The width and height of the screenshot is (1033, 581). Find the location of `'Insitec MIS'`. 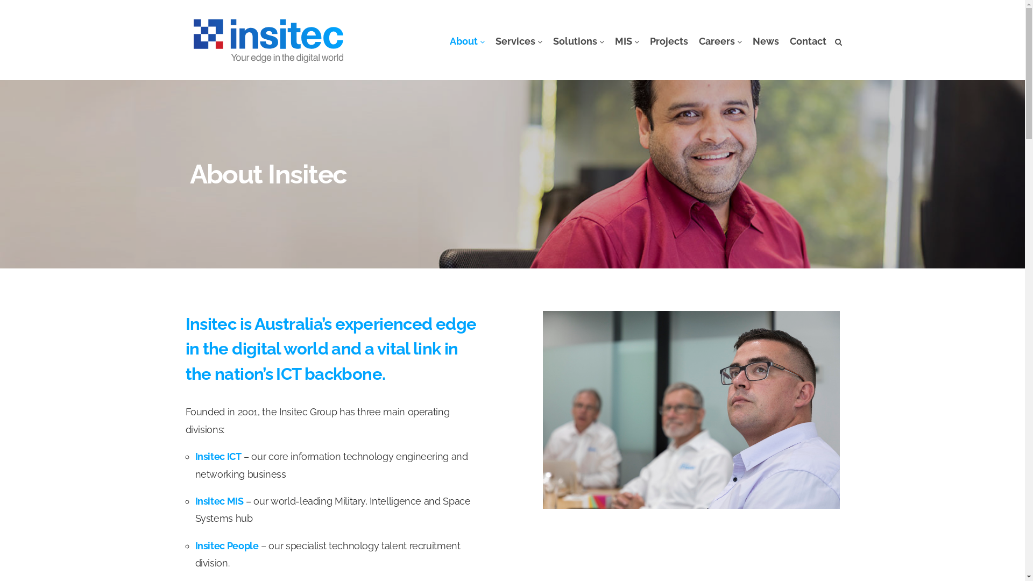

'Insitec MIS' is located at coordinates (194, 501).